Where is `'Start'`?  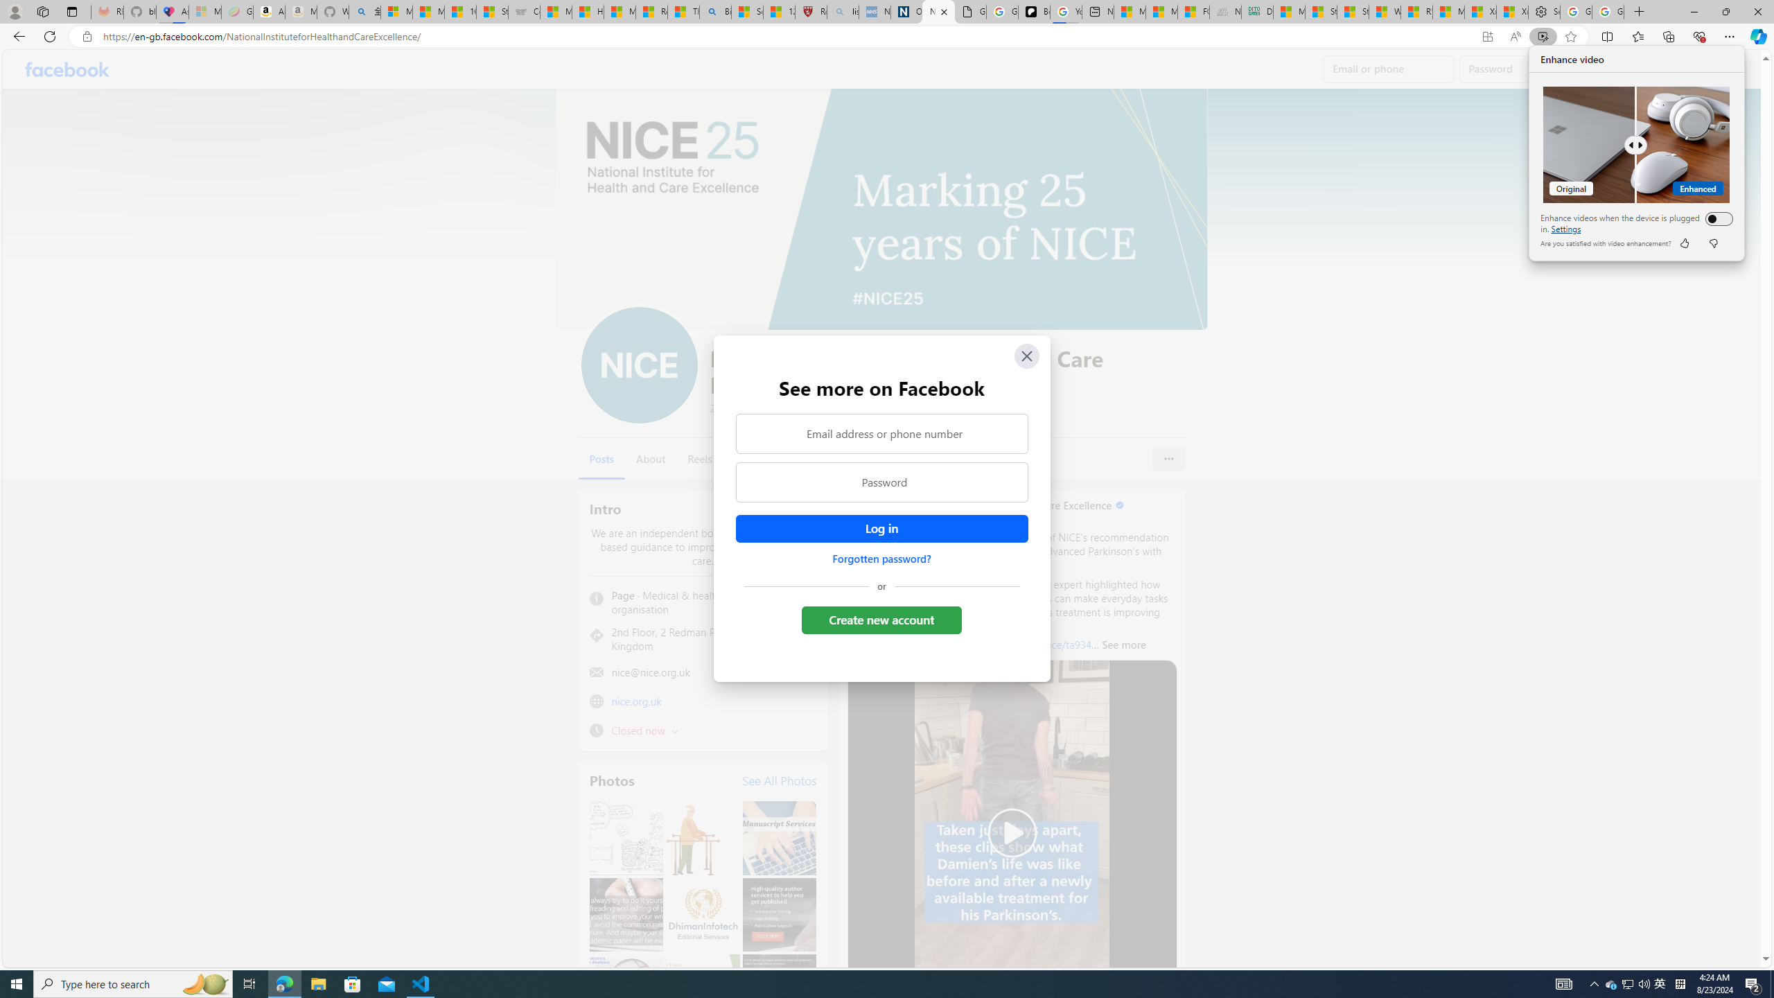
'Start' is located at coordinates (17, 983).